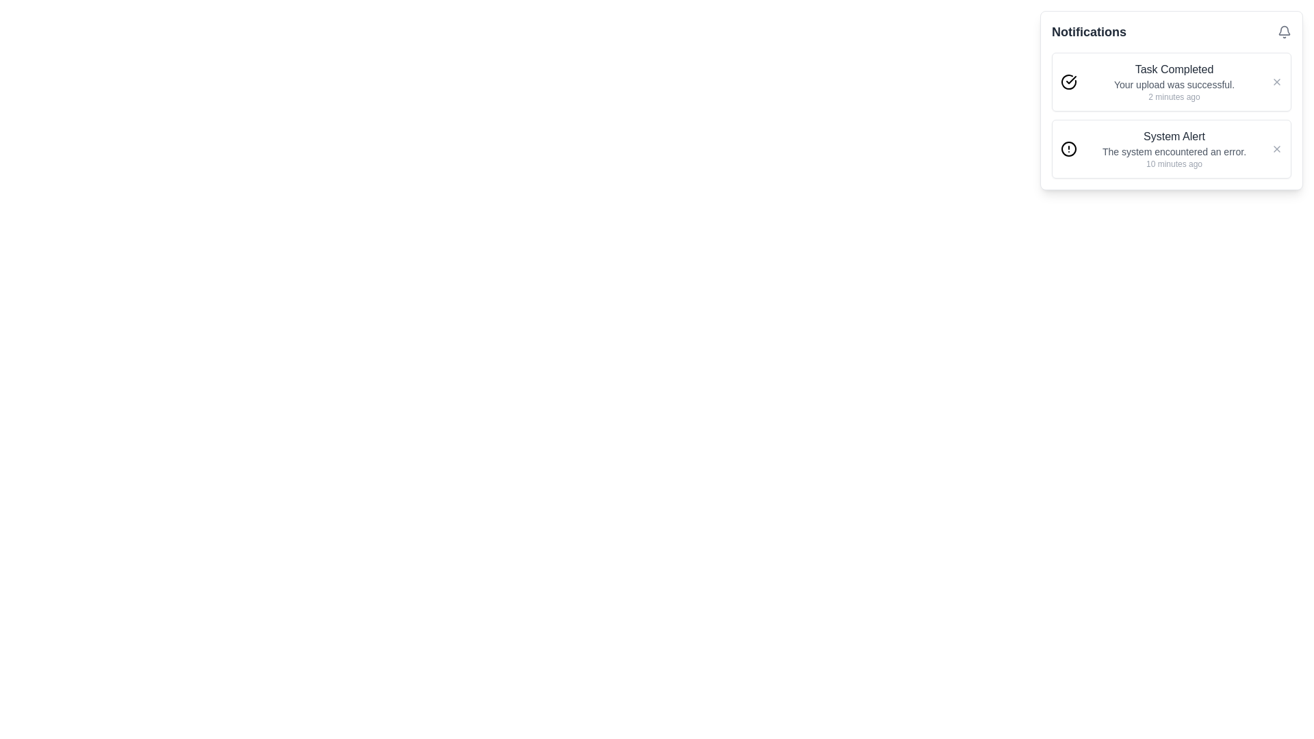 The image size is (1314, 739). I want to click on the bell icon located in the top-right corner of the Notifications panel to interact with notifications, so click(1283, 31).